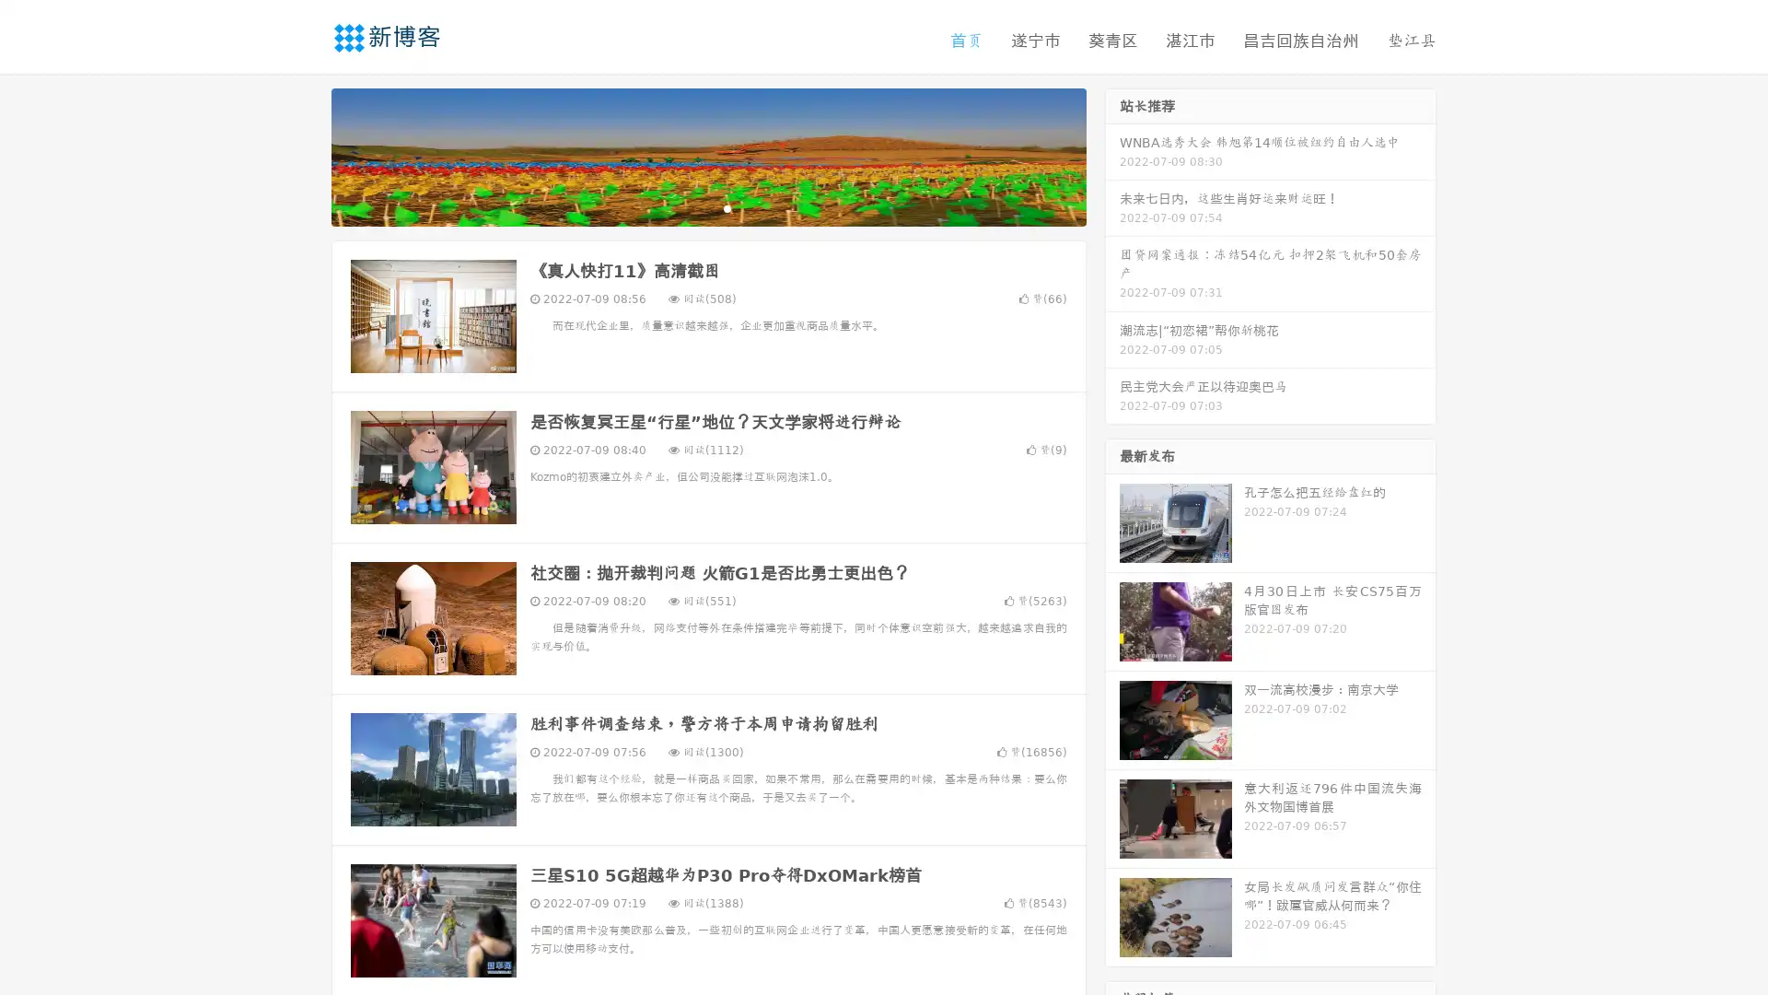 The width and height of the screenshot is (1768, 995). What do you see at coordinates (727, 207) in the screenshot?
I see `Go to slide 3` at bounding box center [727, 207].